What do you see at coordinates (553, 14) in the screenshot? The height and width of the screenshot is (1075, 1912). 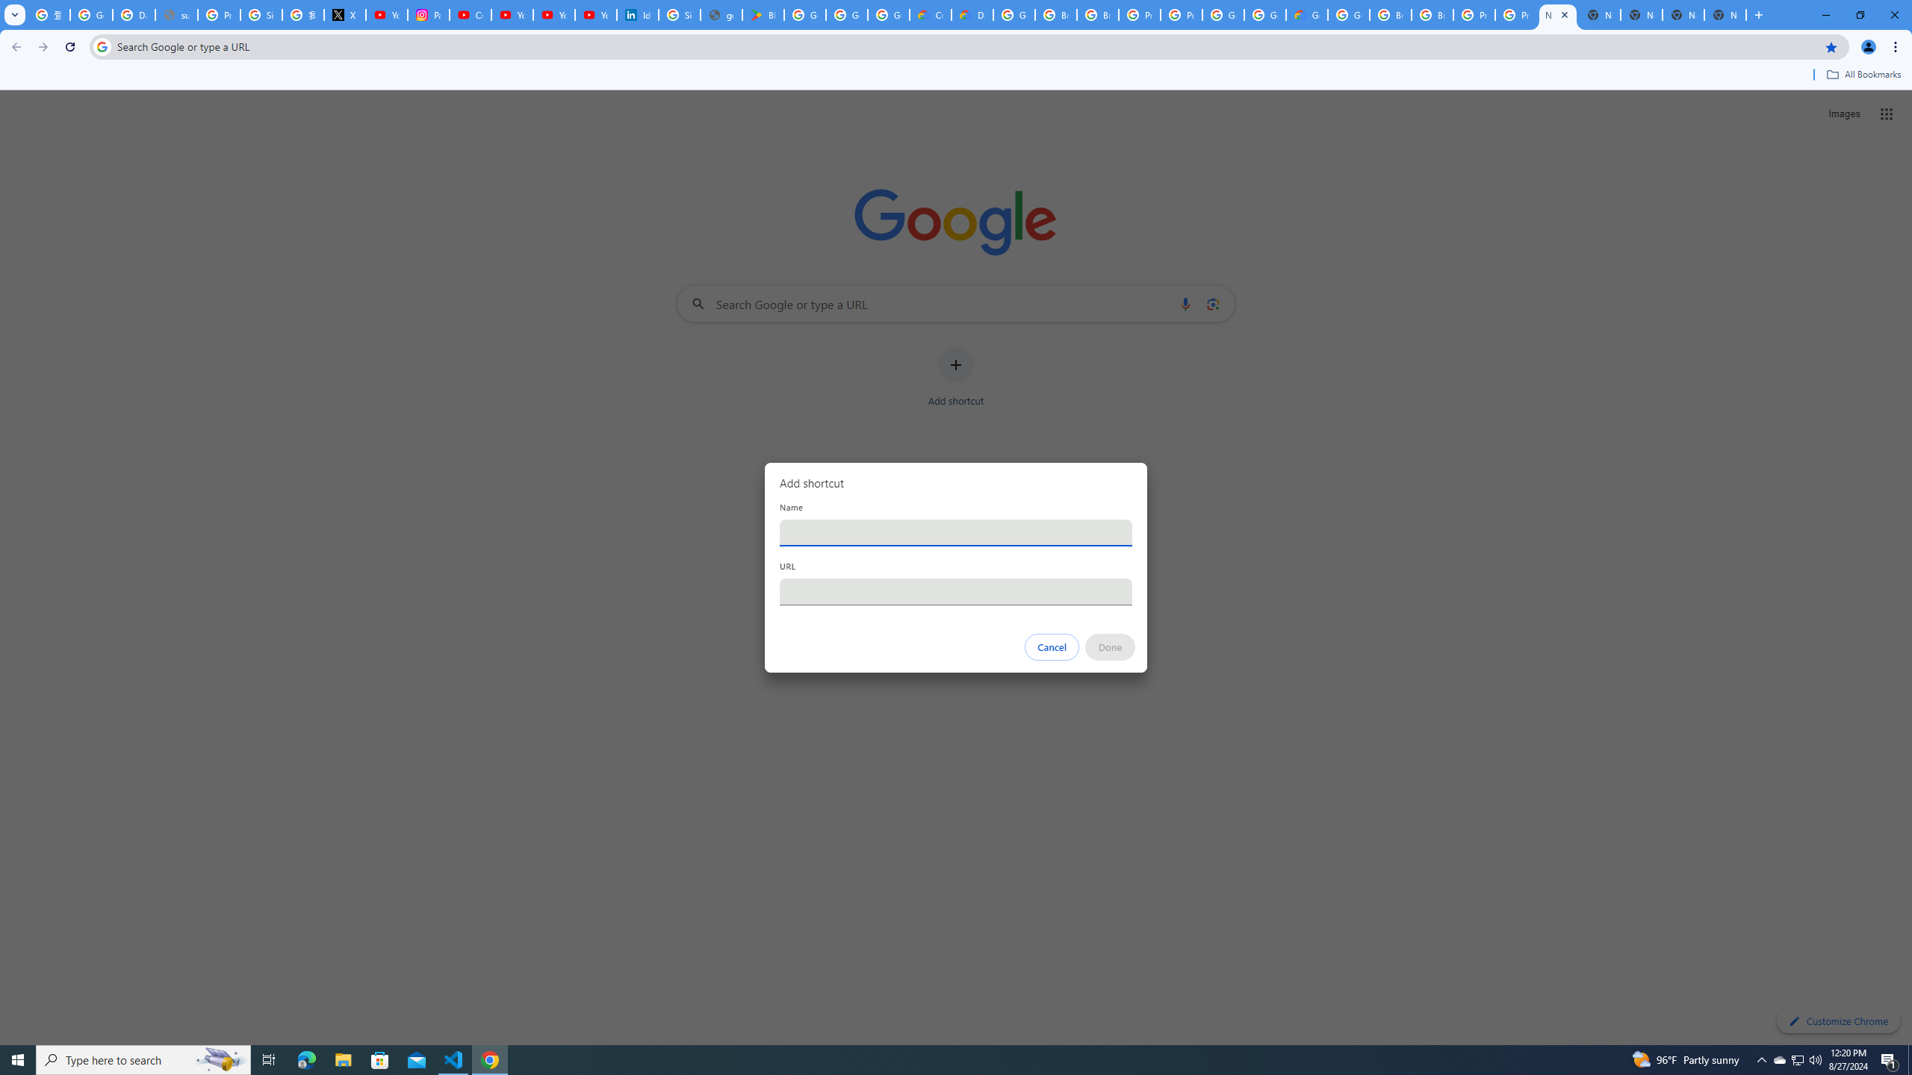 I see `'YouTube Culture & Trends - YouTube Top 10, 2021'` at bounding box center [553, 14].